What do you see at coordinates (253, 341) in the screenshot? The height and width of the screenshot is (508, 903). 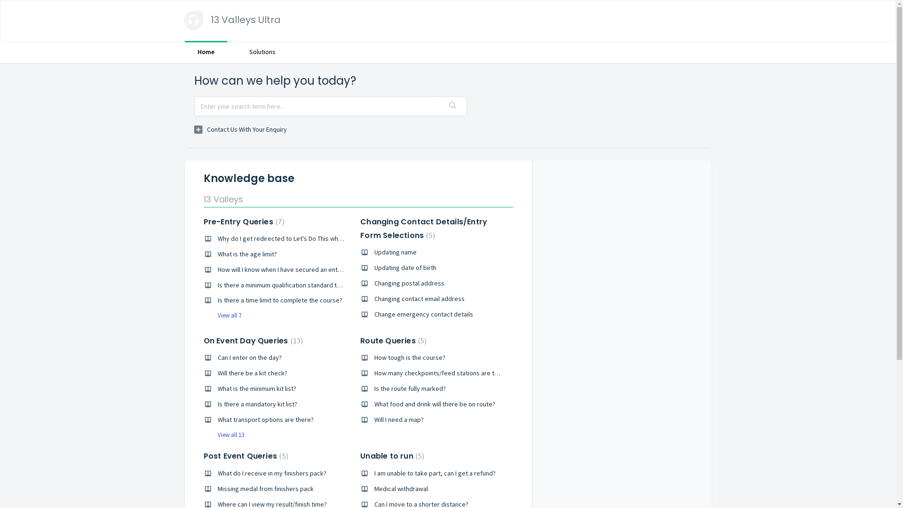 I see `'On Event Day Queries 13'` at bounding box center [253, 341].